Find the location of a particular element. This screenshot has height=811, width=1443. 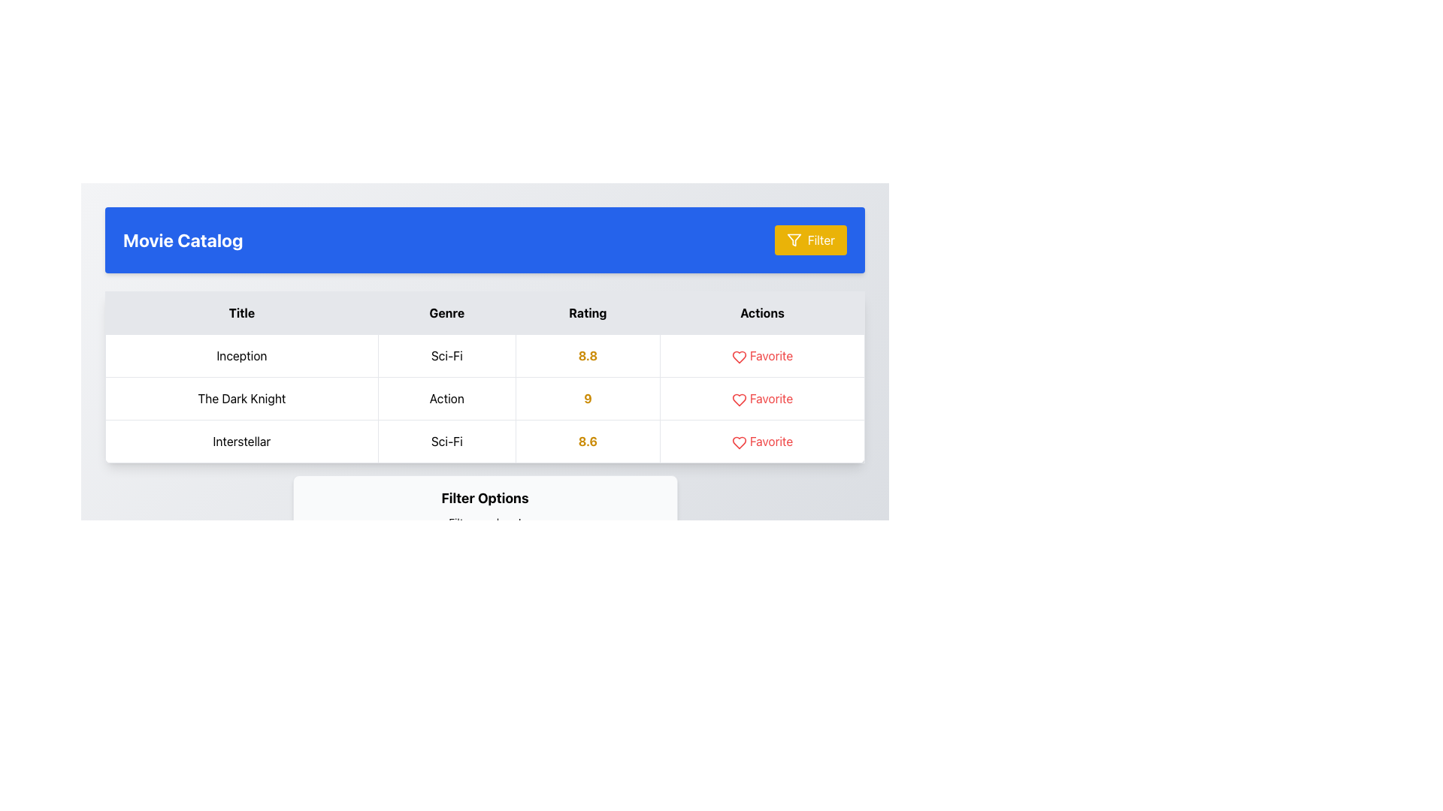

the header text label for the 'Title' column in the table by moving the mouse to its center point is located at coordinates (241, 312).